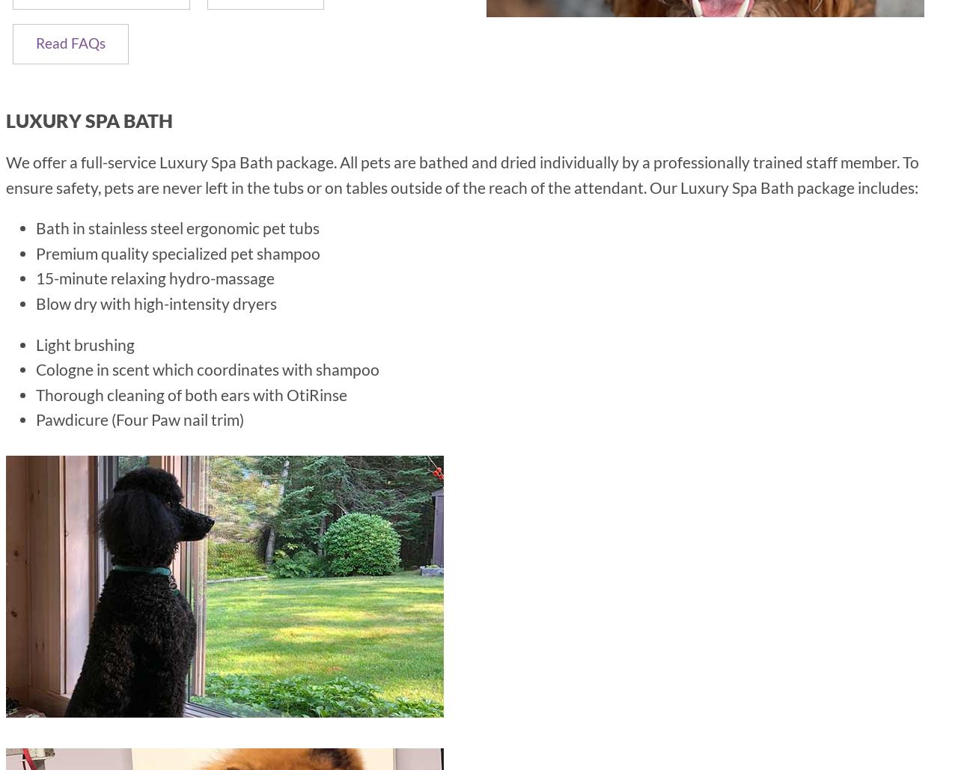 This screenshot has height=770, width=973. What do you see at coordinates (88, 120) in the screenshot?
I see `'Luxury Spa Bath'` at bounding box center [88, 120].